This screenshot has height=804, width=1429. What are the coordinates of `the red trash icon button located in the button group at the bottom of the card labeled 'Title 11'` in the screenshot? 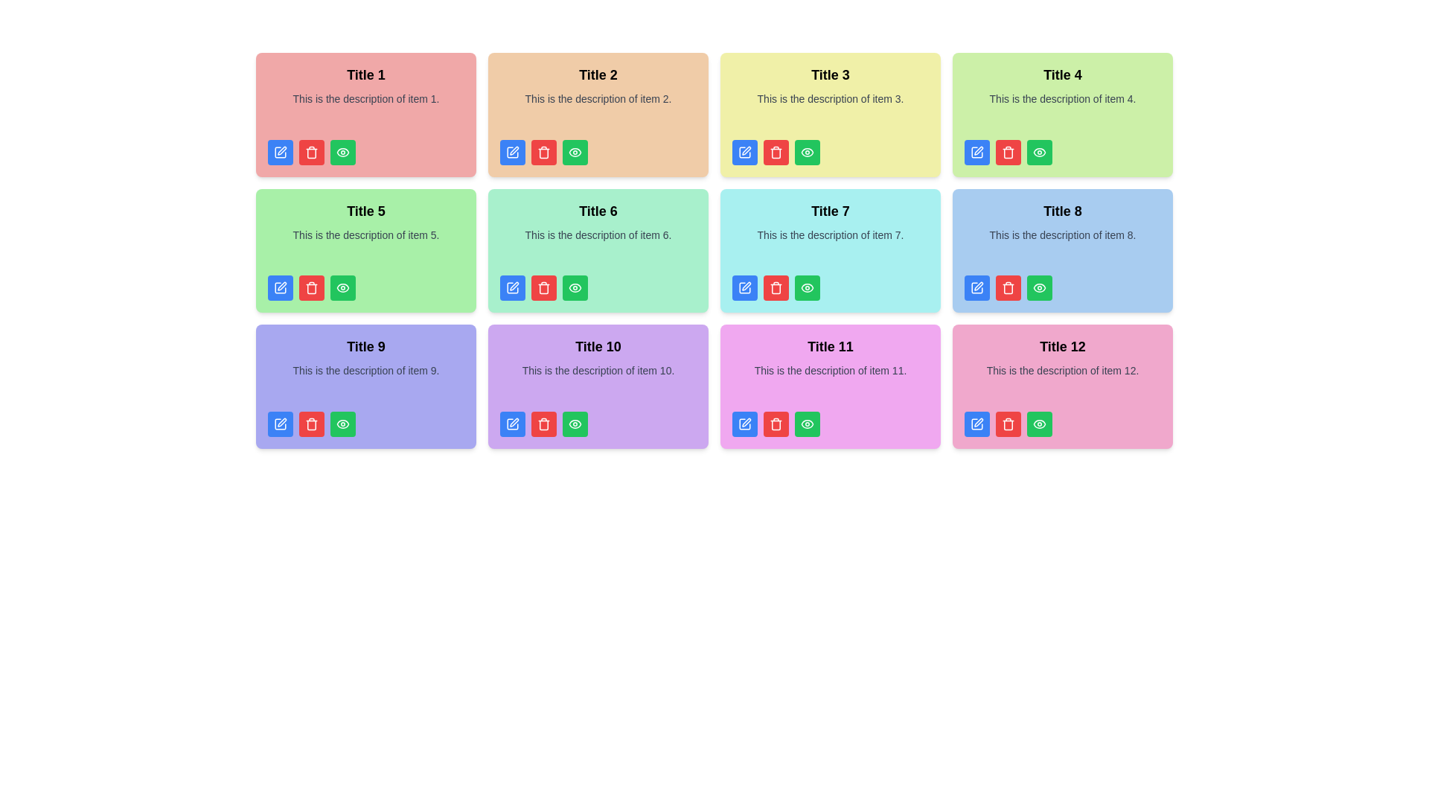 It's located at (775, 424).